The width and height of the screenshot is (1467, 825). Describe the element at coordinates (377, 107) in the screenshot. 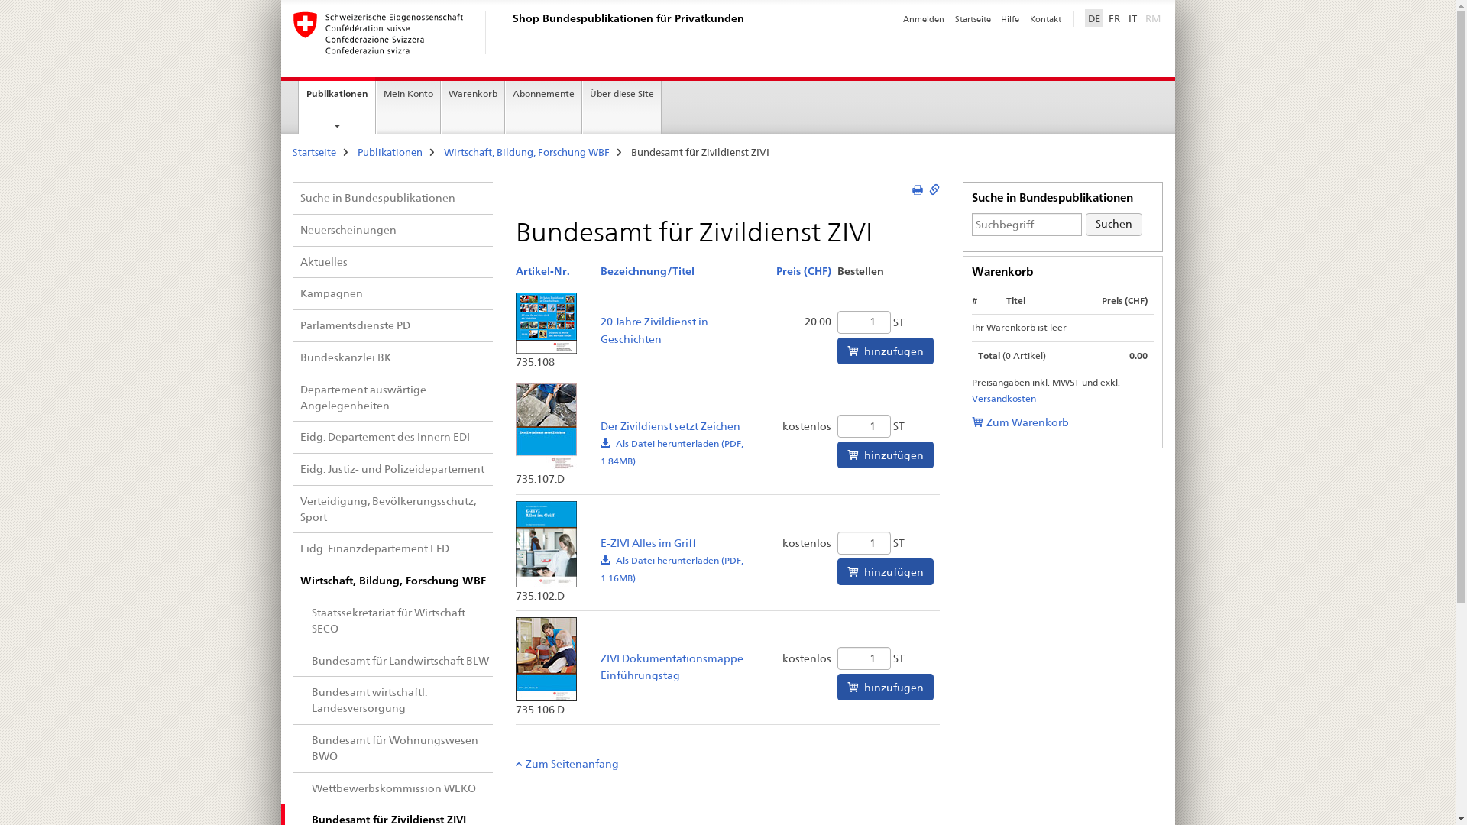

I see `'Mein Konto'` at that location.